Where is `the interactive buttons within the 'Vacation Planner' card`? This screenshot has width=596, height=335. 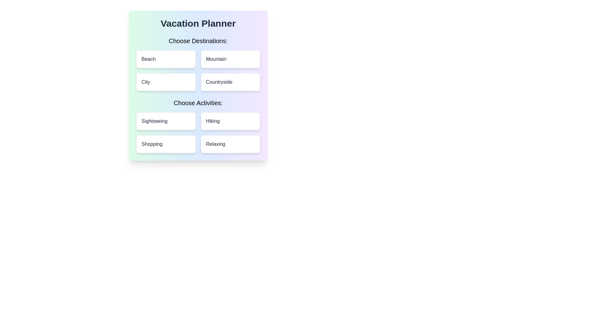 the interactive buttons within the 'Vacation Planner' card is located at coordinates (198, 86).